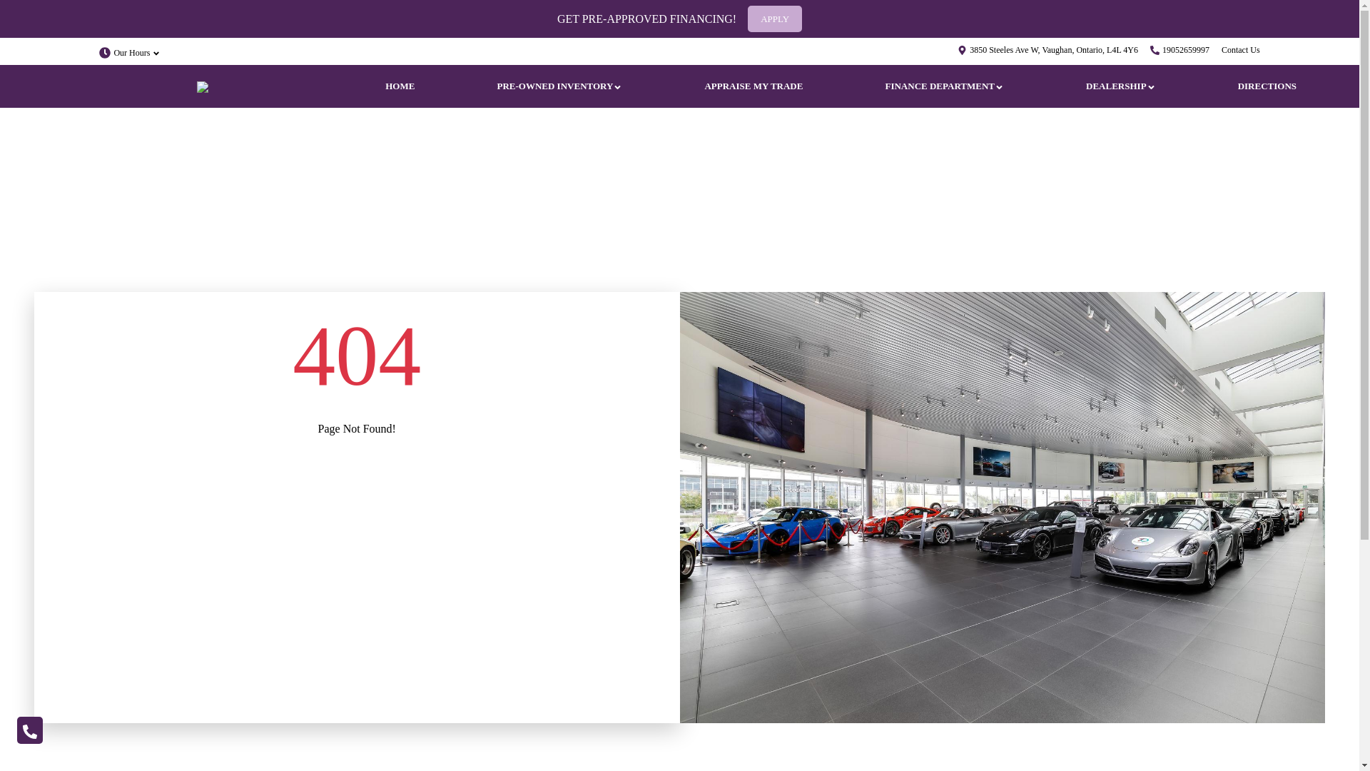 The height and width of the screenshot is (771, 1370). I want to click on 'Contact Us', so click(1239, 49).